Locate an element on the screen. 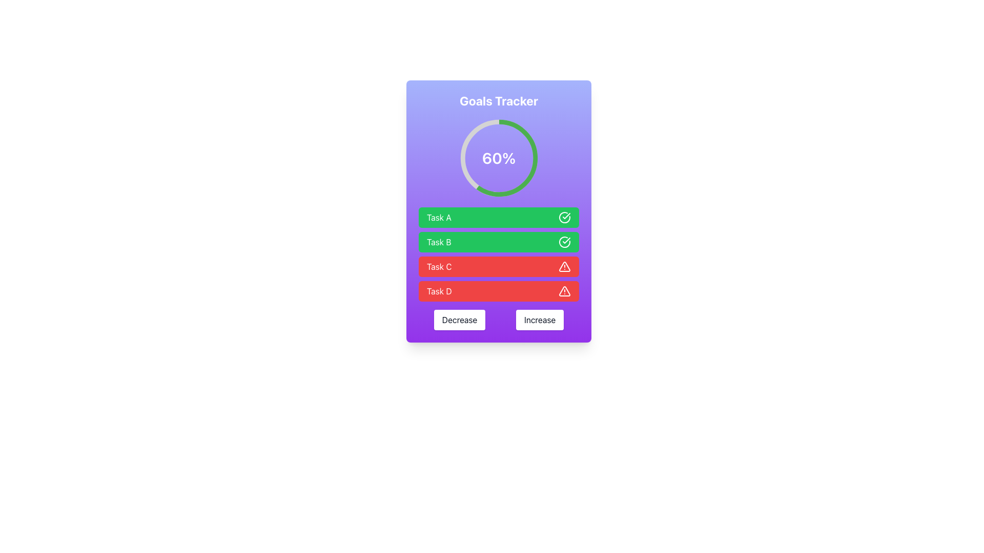  the centered numerical label displaying '60%' which is located within a circular progress indicator is located at coordinates (499, 158).